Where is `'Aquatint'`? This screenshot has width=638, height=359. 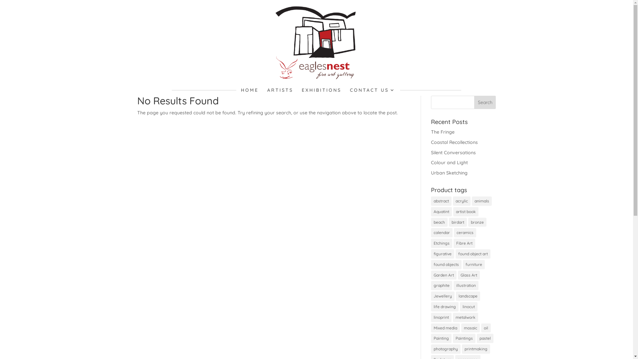
'Aquatint' is located at coordinates (431, 211).